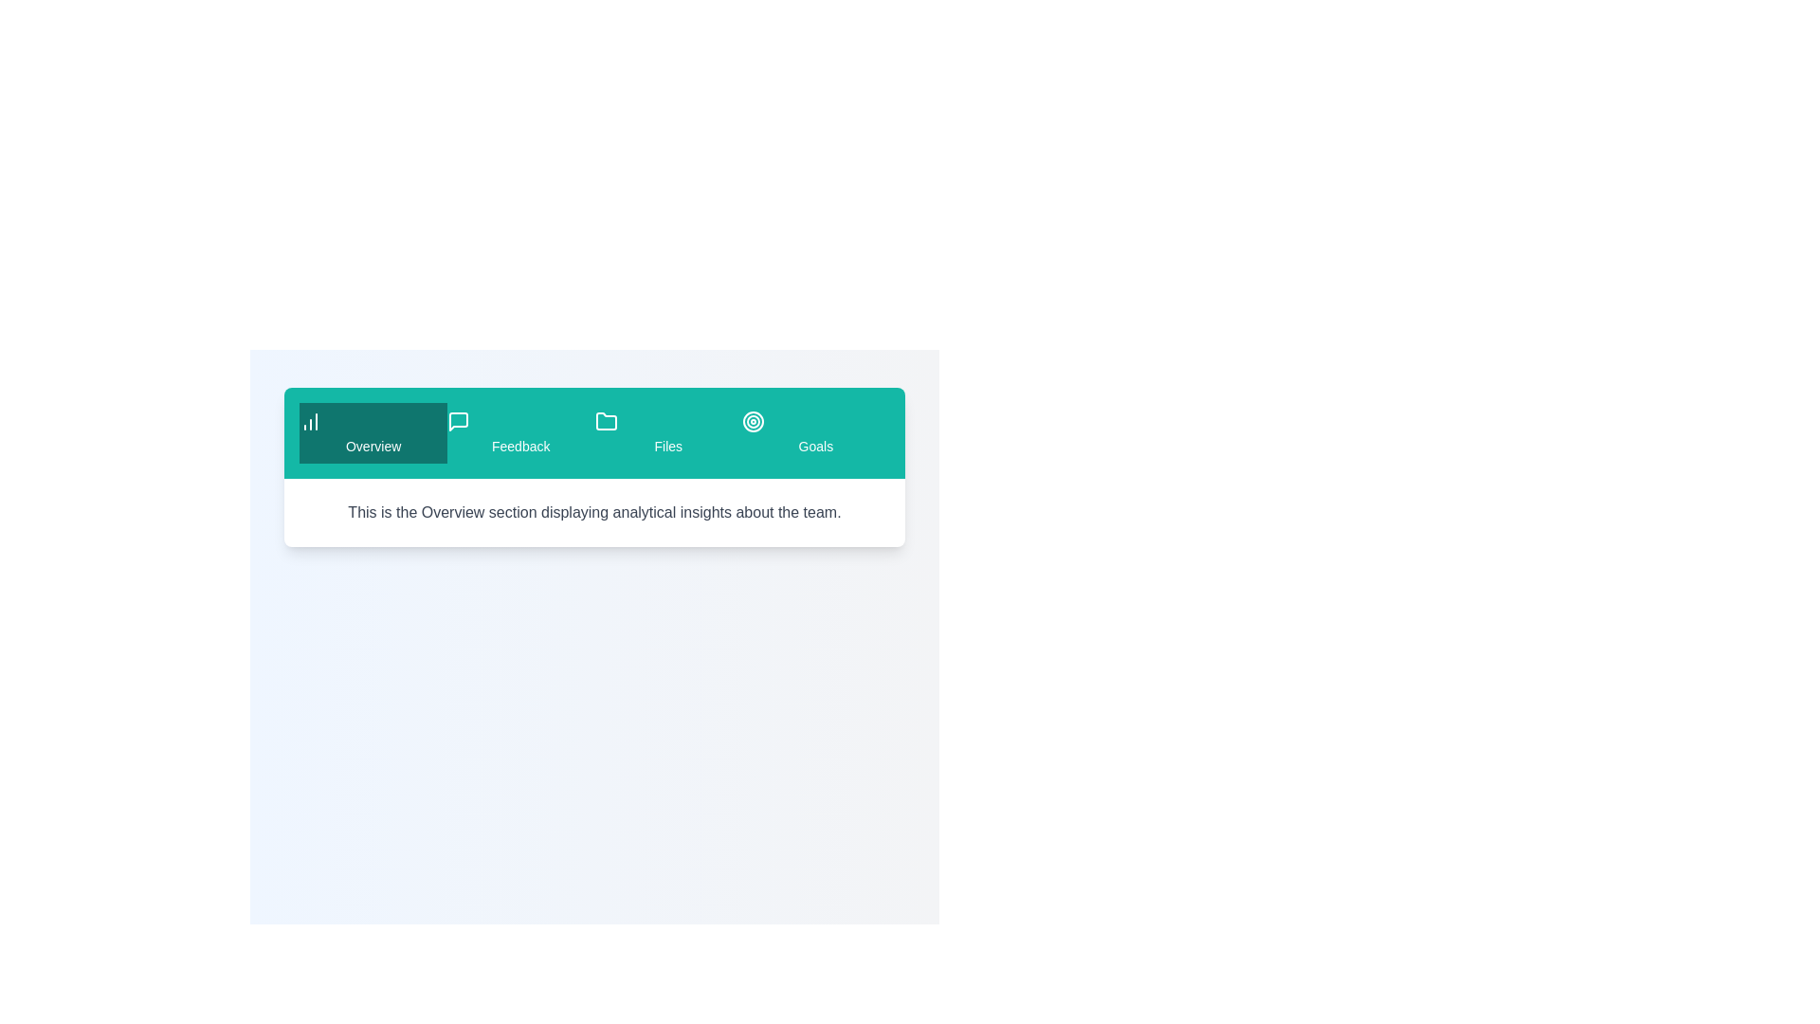  What do you see at coordinates (520, 432) in the screenshot?
I see `the tab Feedback to view its content` at bounding box center [520, 432].